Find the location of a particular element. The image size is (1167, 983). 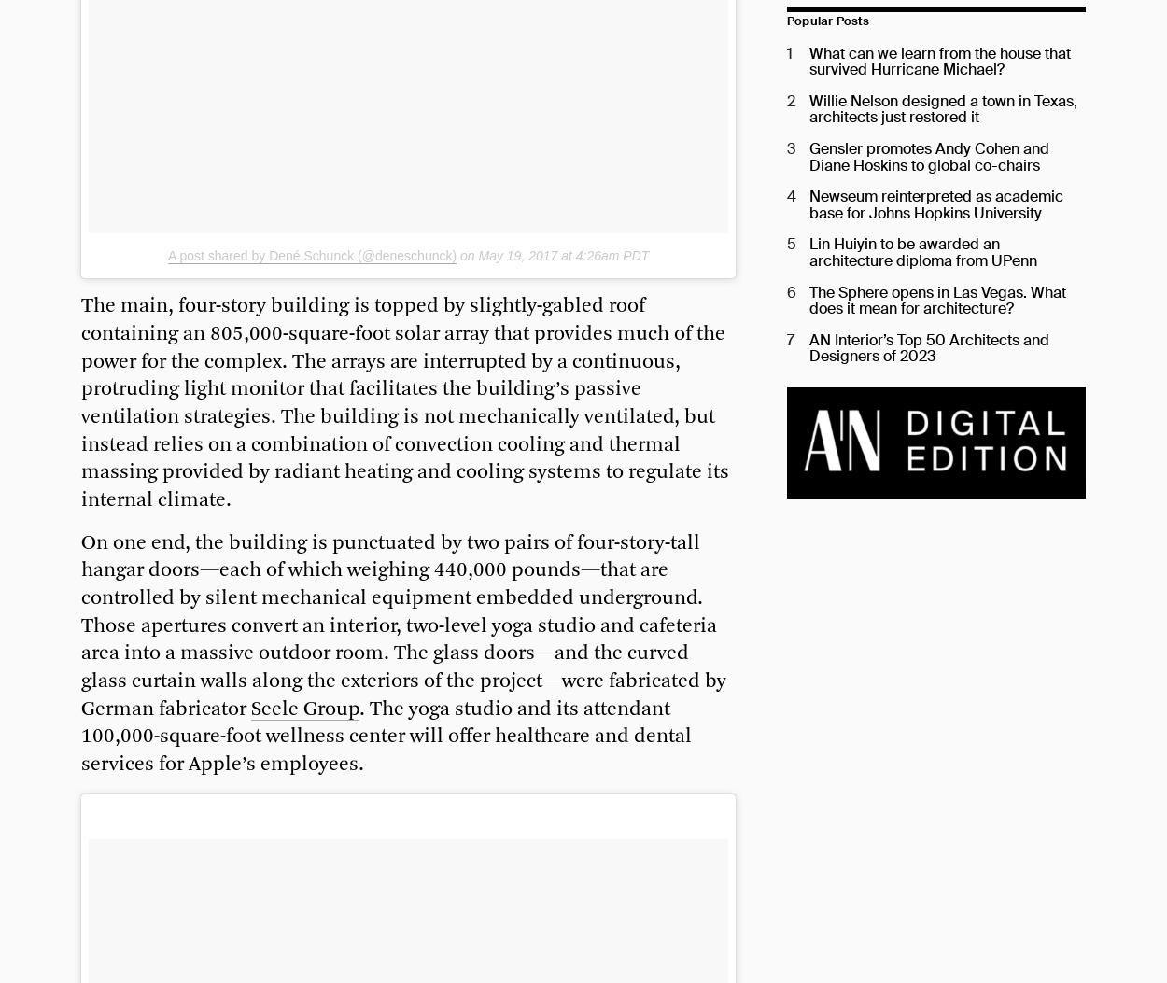

'On one end, the building is punctuated by two pairs of four-story-tall hangar doors—each of which weighing 440,000 pounds—that are controlled by silent mechanical equipment embedded underground. Those apertures convert an interior, two-level yoga studio and cafeteria area into a massive outdoor room. The glass doors—and the curved glass curtain walls along the exteriors of the project—were fabricated by German fabricator' is located at coordinates (80, 625).